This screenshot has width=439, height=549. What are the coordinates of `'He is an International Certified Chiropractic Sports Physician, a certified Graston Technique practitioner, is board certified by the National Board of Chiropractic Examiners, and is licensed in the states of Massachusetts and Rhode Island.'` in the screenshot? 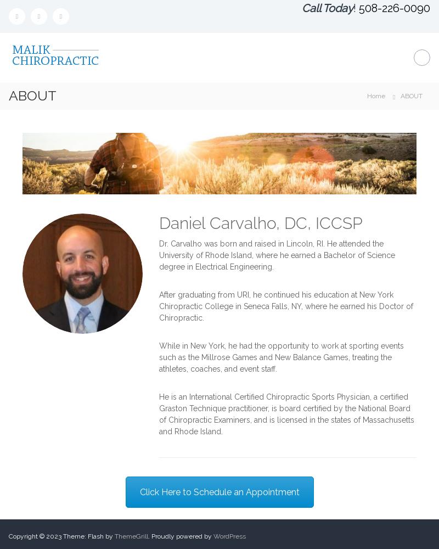 It's located at (159, 413).